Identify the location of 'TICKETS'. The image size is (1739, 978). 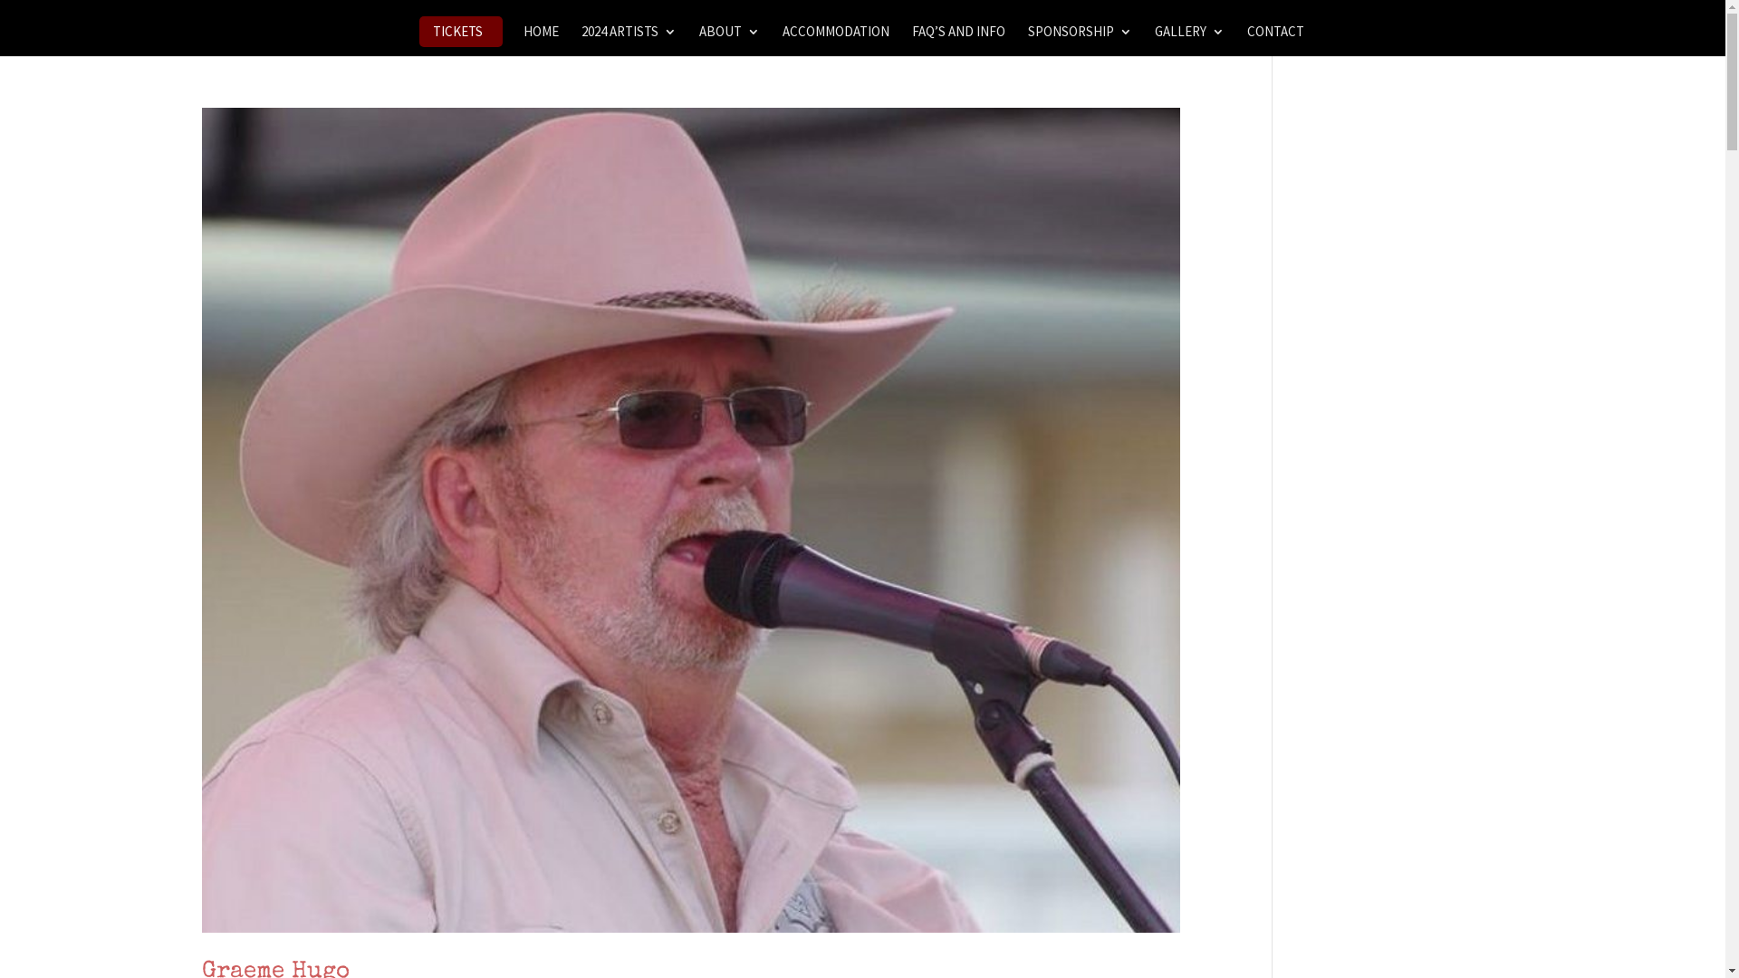
(451, 31).